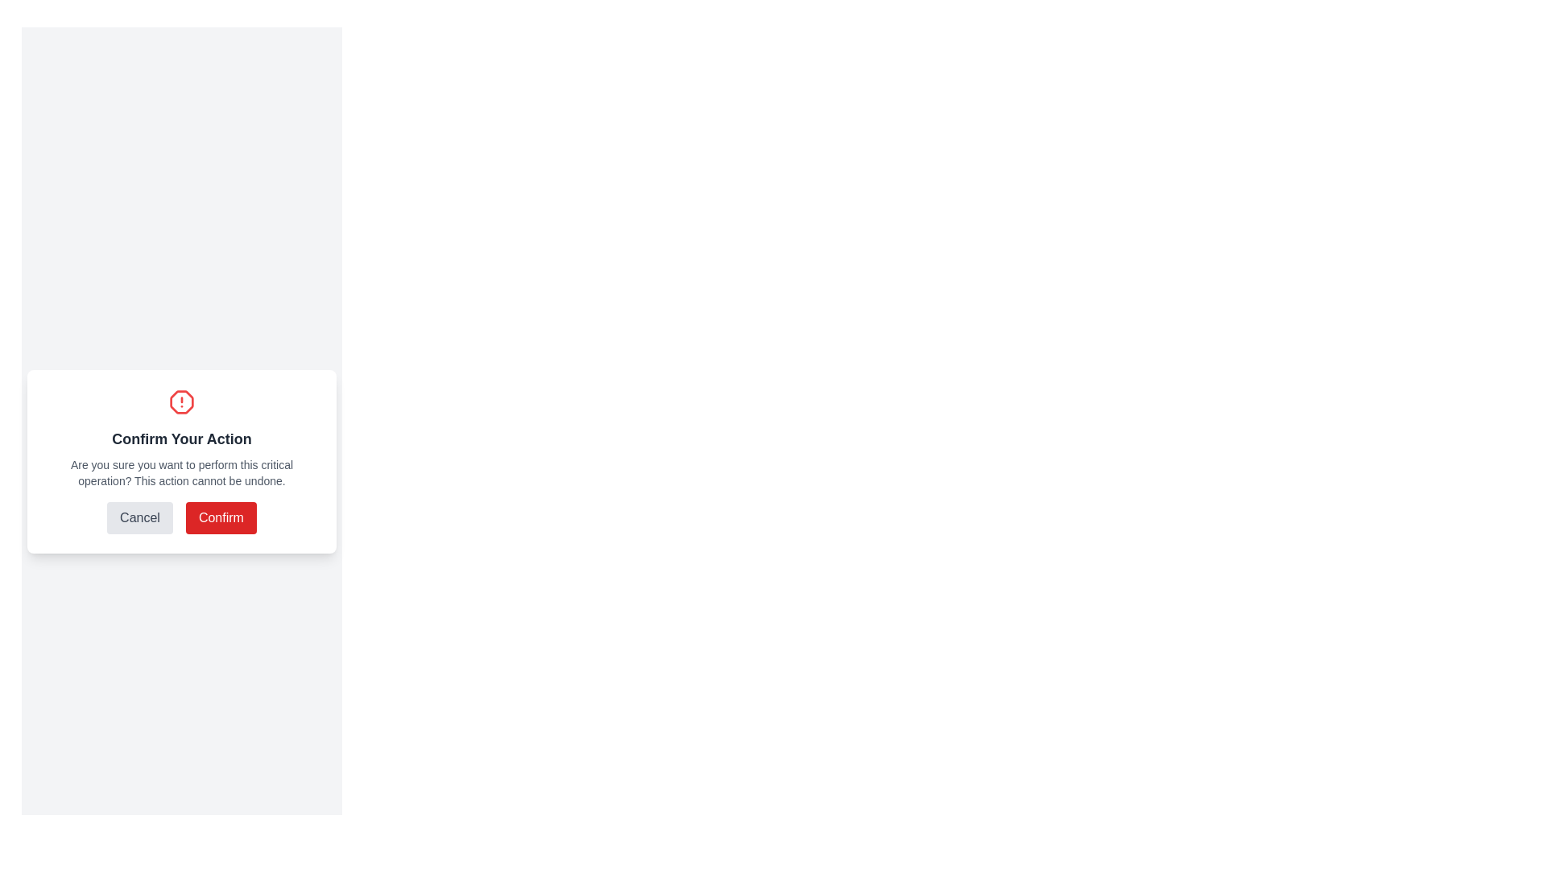  Describe the element at coordinates (181, 518) in the screenshot. I see `the Button Group containing 'Cancel' and 'Confirm' buttons to observe the hover effects` at that location.